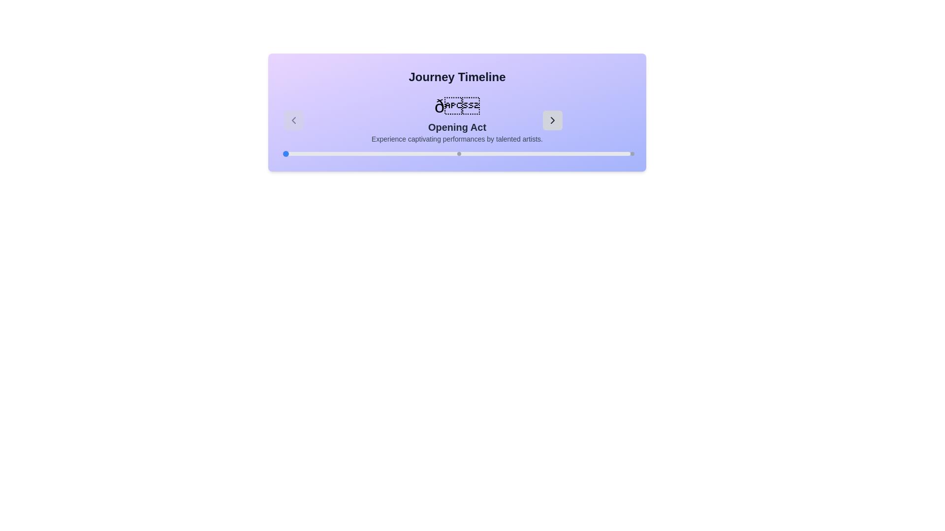 The width and height of the screenshot is (945, 531). What do you see at coordinates (457, 112) in the screenshot?
I see `the 'Opening Act' Content display panel` at bounding box center [457, 112].